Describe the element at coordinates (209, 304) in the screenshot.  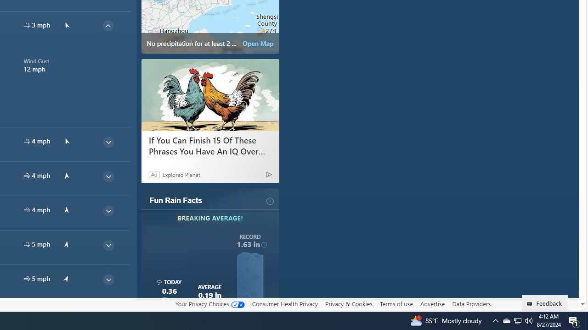
I see `'Your Privacy Choices'` at that location.